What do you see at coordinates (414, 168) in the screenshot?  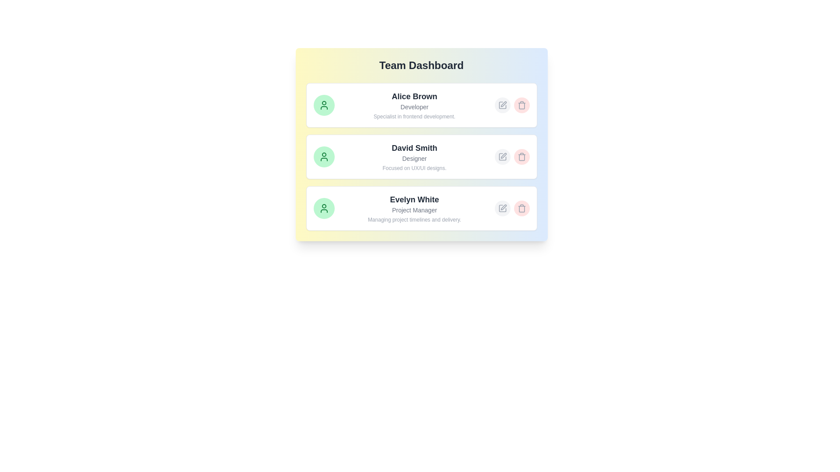 I see `the Text display that provides additional information about 'David Smith', located at the bottom of the card below the 'Designer' label` at bounding box center [414, 168].